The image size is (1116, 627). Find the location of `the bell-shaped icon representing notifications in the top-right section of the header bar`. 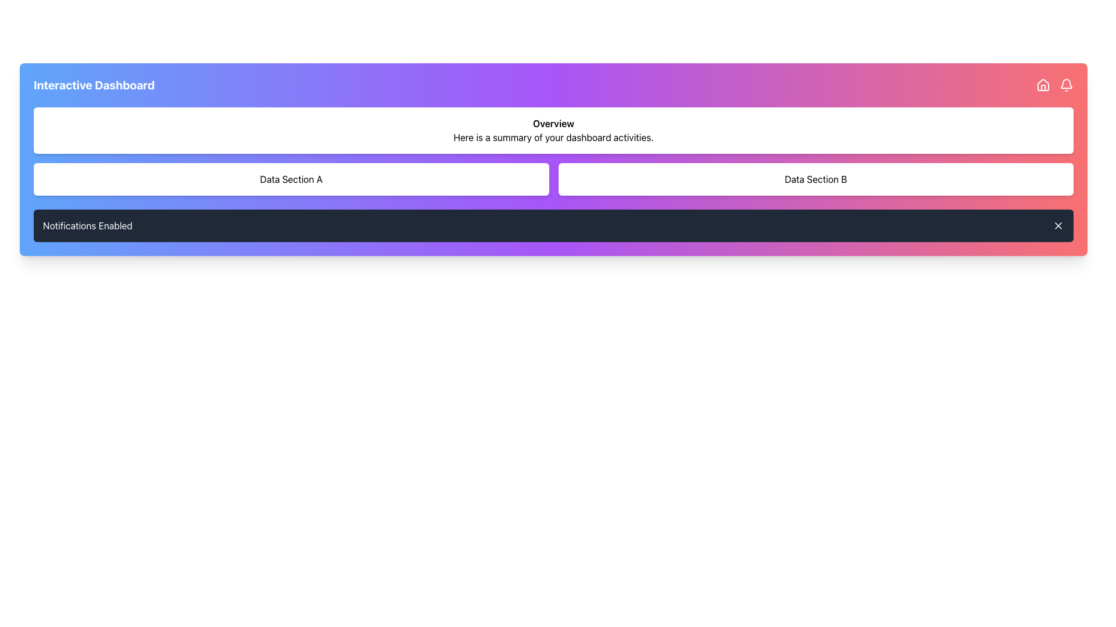

the bell-shaped icon representing notifications in the top-right section of the header bar is located at coordinates (1066, 83).